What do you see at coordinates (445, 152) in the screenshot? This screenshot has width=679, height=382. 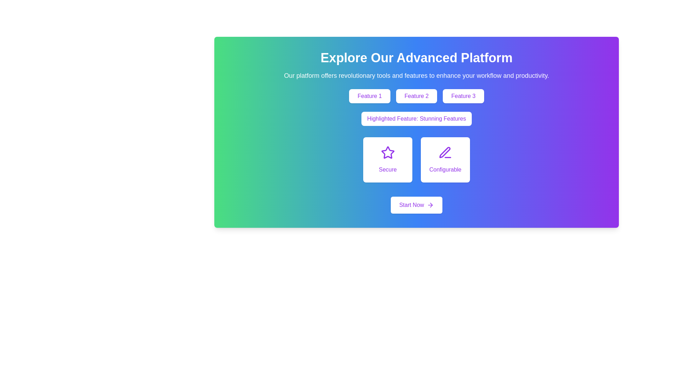 I see `the pen icon SVG graphic located at the bottom right of the 'Configurable' card, adjacent to the 'Secure' card` at bounding box center [445, 152].